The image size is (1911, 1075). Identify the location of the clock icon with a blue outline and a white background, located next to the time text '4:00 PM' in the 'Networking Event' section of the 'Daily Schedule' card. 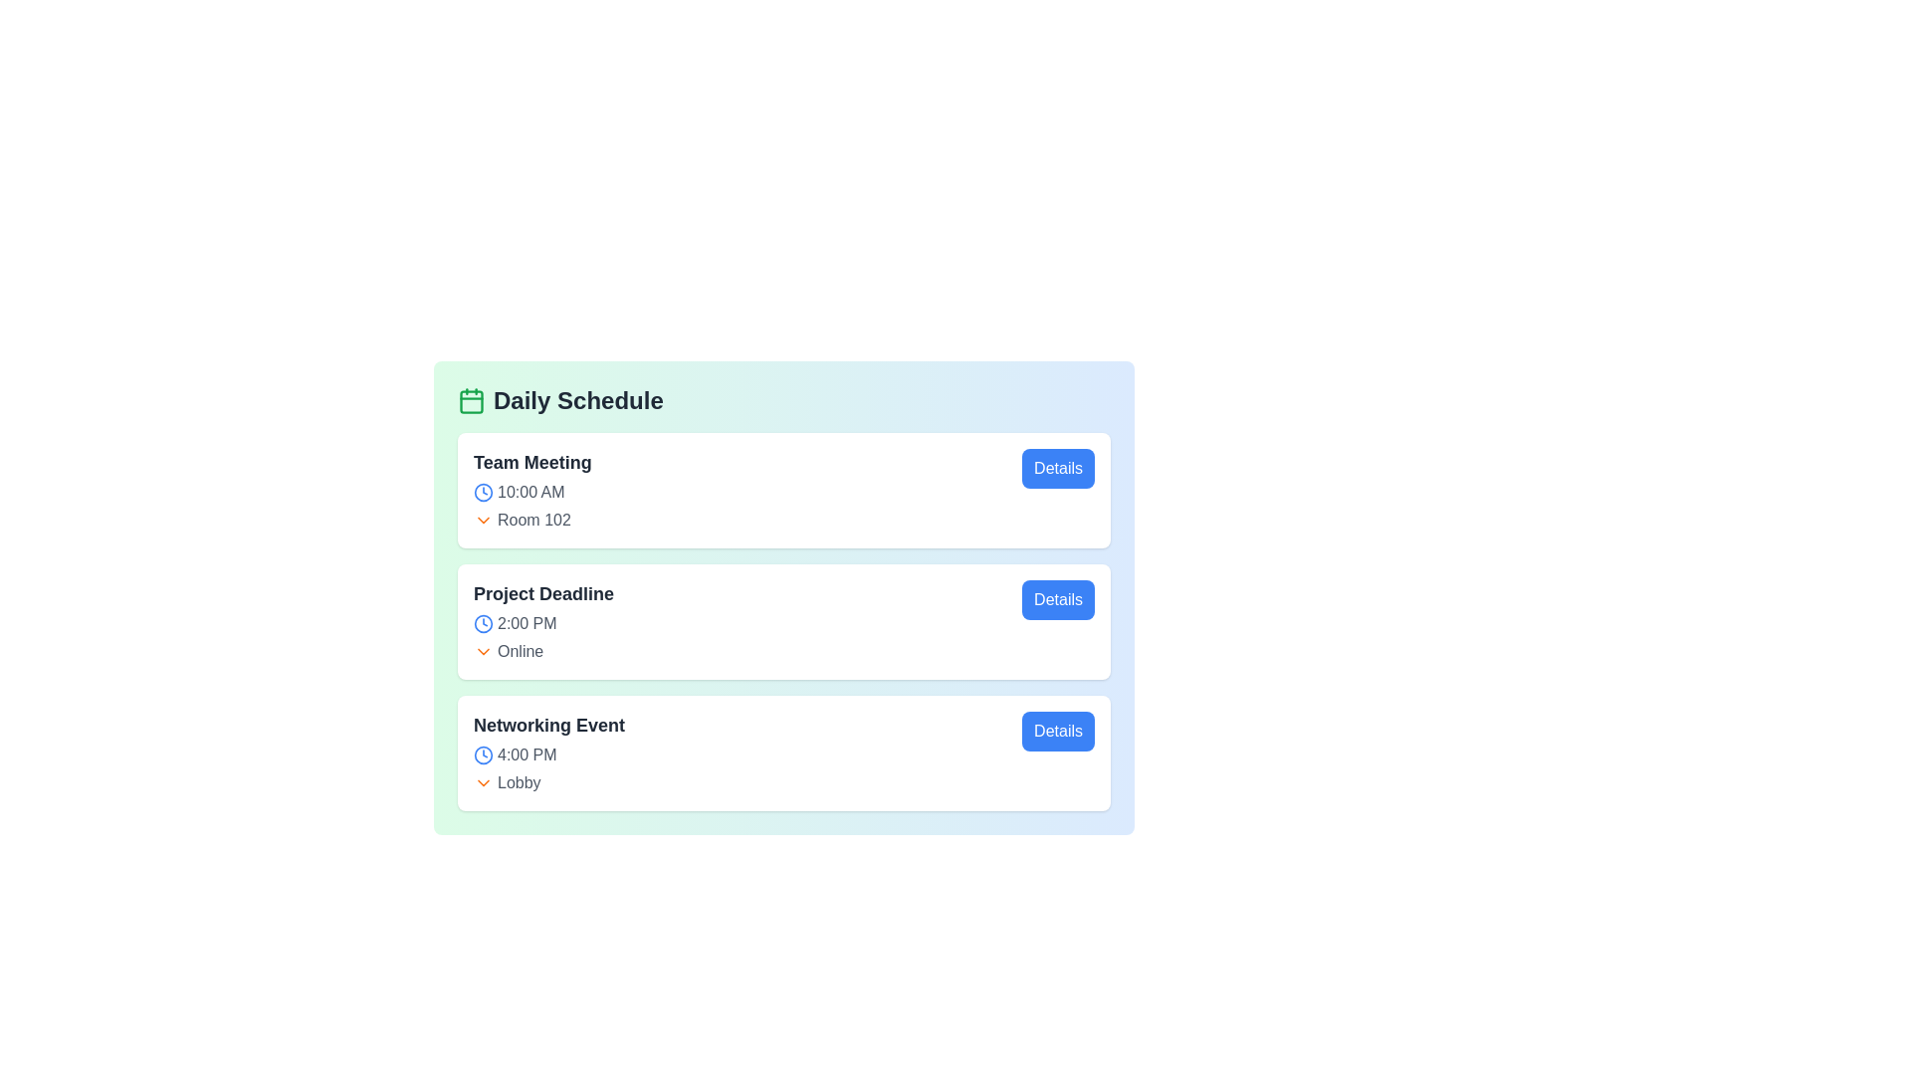
(483, 755).